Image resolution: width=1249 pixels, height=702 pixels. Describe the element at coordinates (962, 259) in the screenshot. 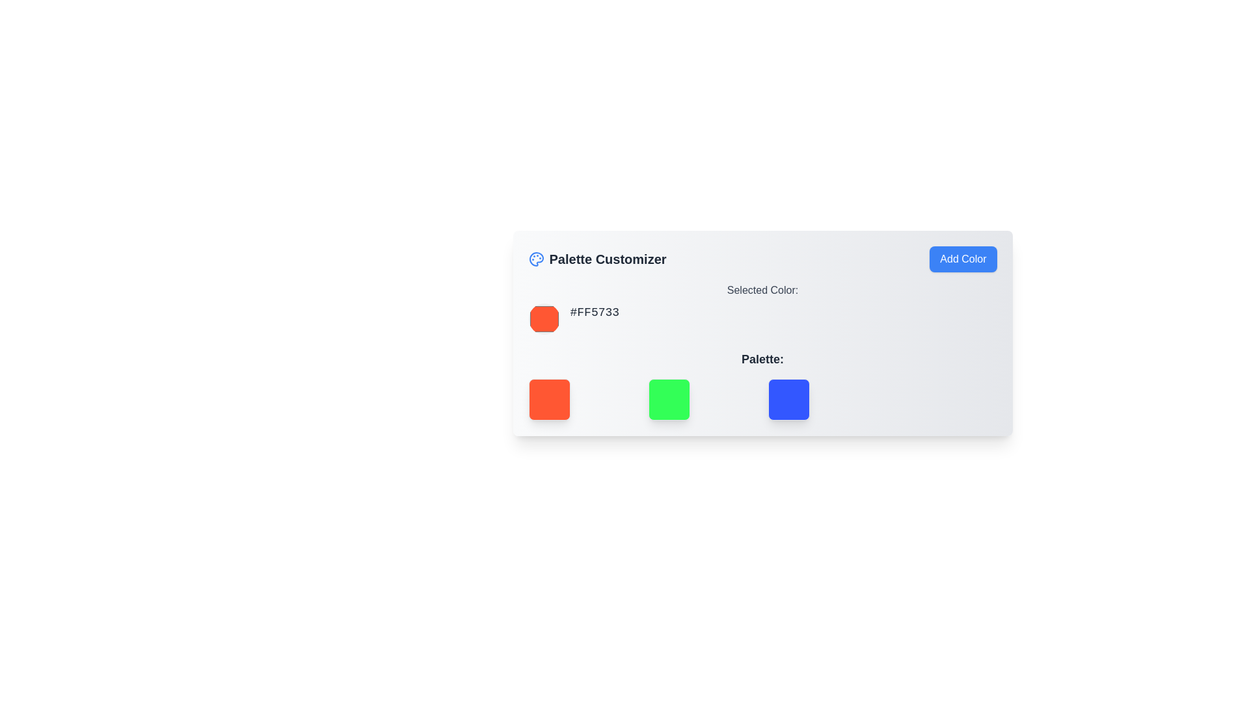

I see `the button located at the top-right corner of the 'Palette Customizer' section` at that location.